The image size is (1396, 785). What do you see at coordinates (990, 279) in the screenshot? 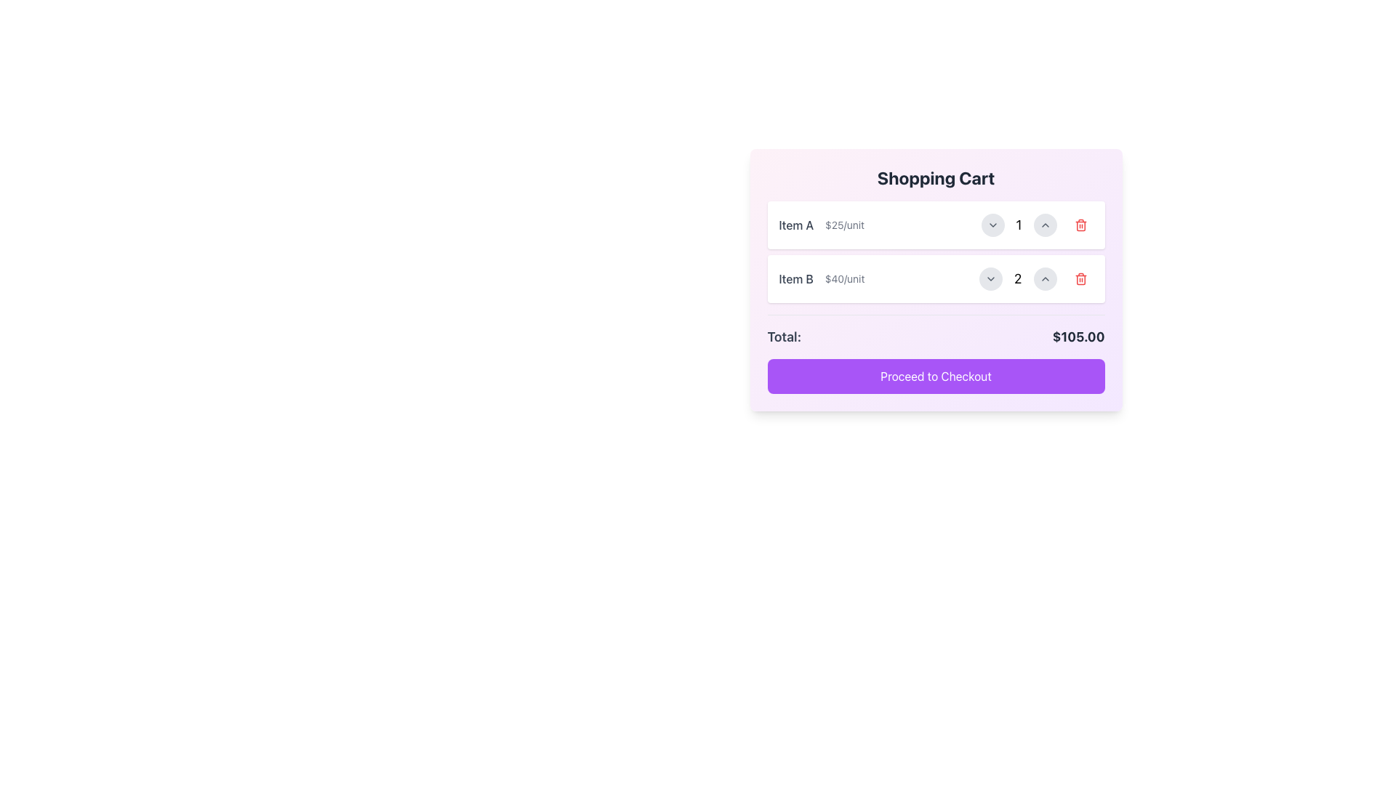
I see `the circular dropdown button with a light gray background located next to the quantity number '2' for 'Item B' in the shopping cart interface` at bounding box center [990, 279].